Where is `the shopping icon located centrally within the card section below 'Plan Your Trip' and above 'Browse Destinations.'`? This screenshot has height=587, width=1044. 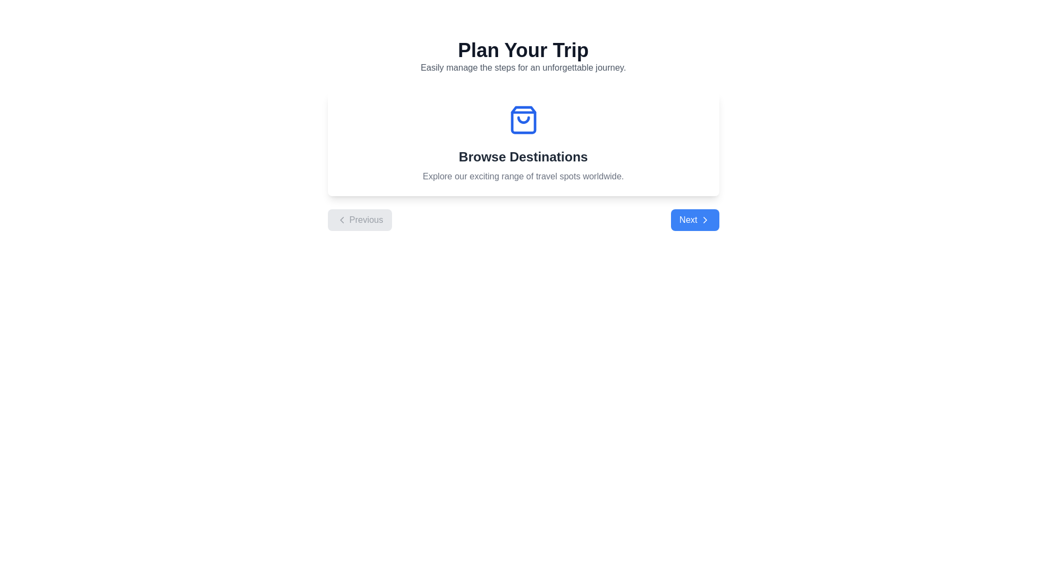 the shopping icon located centrally within the card section below 'Plan Your Trip' and above 'Browse Destinations.' is located at coordinates (523, 120).